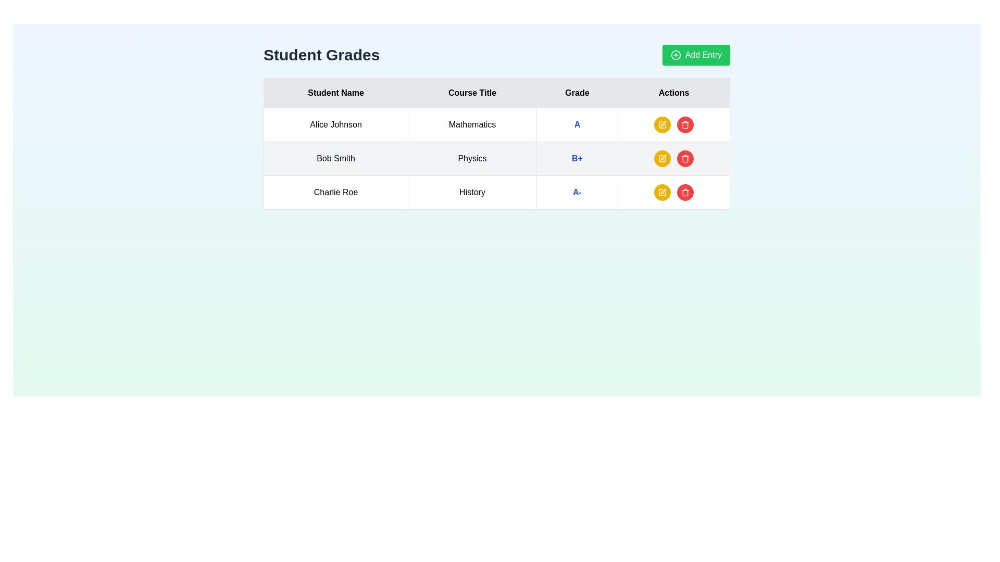 This screenshot has height=562, width=1000. I want to click on the static text label displaying 'Bob Smith' in the student grades listing, located in the second row, first column under the 'Student Name' header, so click(336, 158).